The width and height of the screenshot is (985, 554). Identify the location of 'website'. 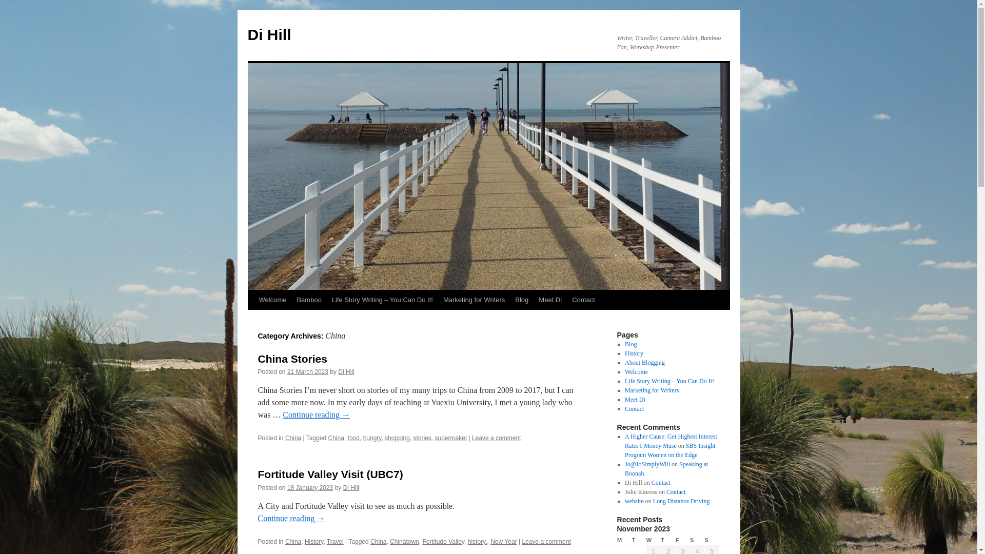
(634, 500).